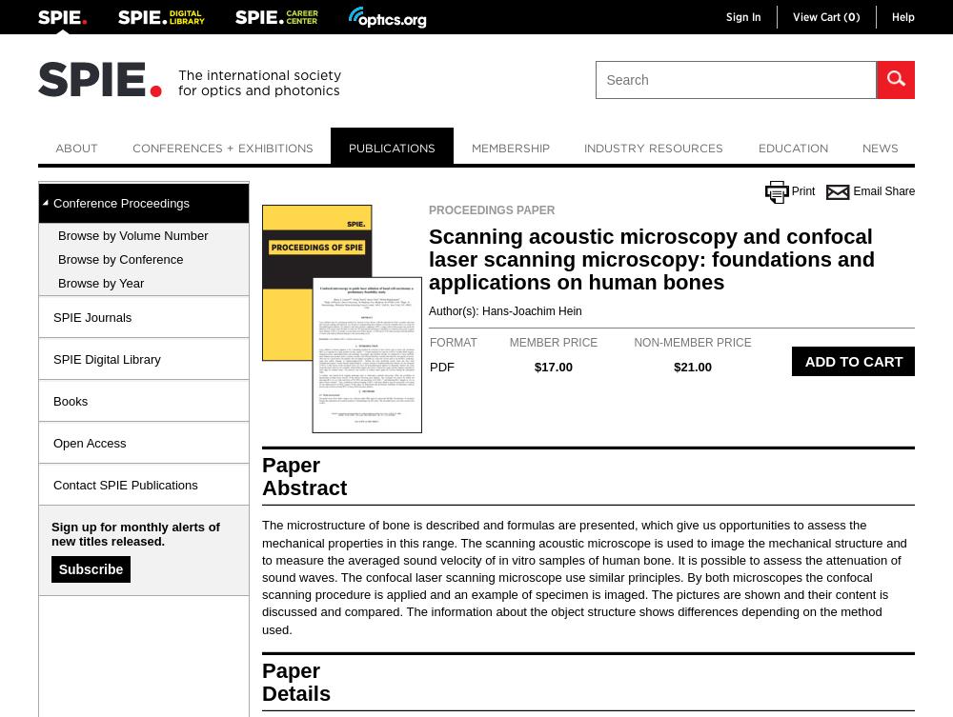  I want to click on 'Browse by Year', so click(100, 283).